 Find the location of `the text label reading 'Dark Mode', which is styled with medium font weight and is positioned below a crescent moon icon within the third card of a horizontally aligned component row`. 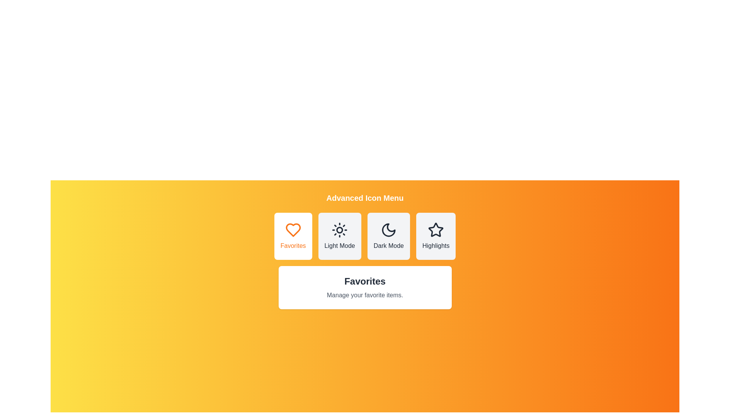

the text label reading 'Dark Mode', which is styled with medium font weight and is positioned below a crescent moon icon within the third card of a horizontally aligned component row is located at coordinates (388, 246).